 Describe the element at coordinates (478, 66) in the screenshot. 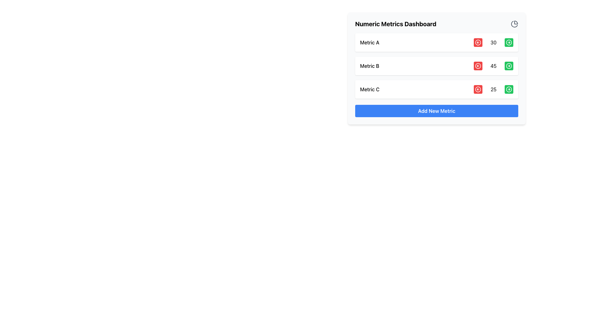

I see `the decrement button located in the second row, adjacent to the number '45', for accessibility interactions` at that location.